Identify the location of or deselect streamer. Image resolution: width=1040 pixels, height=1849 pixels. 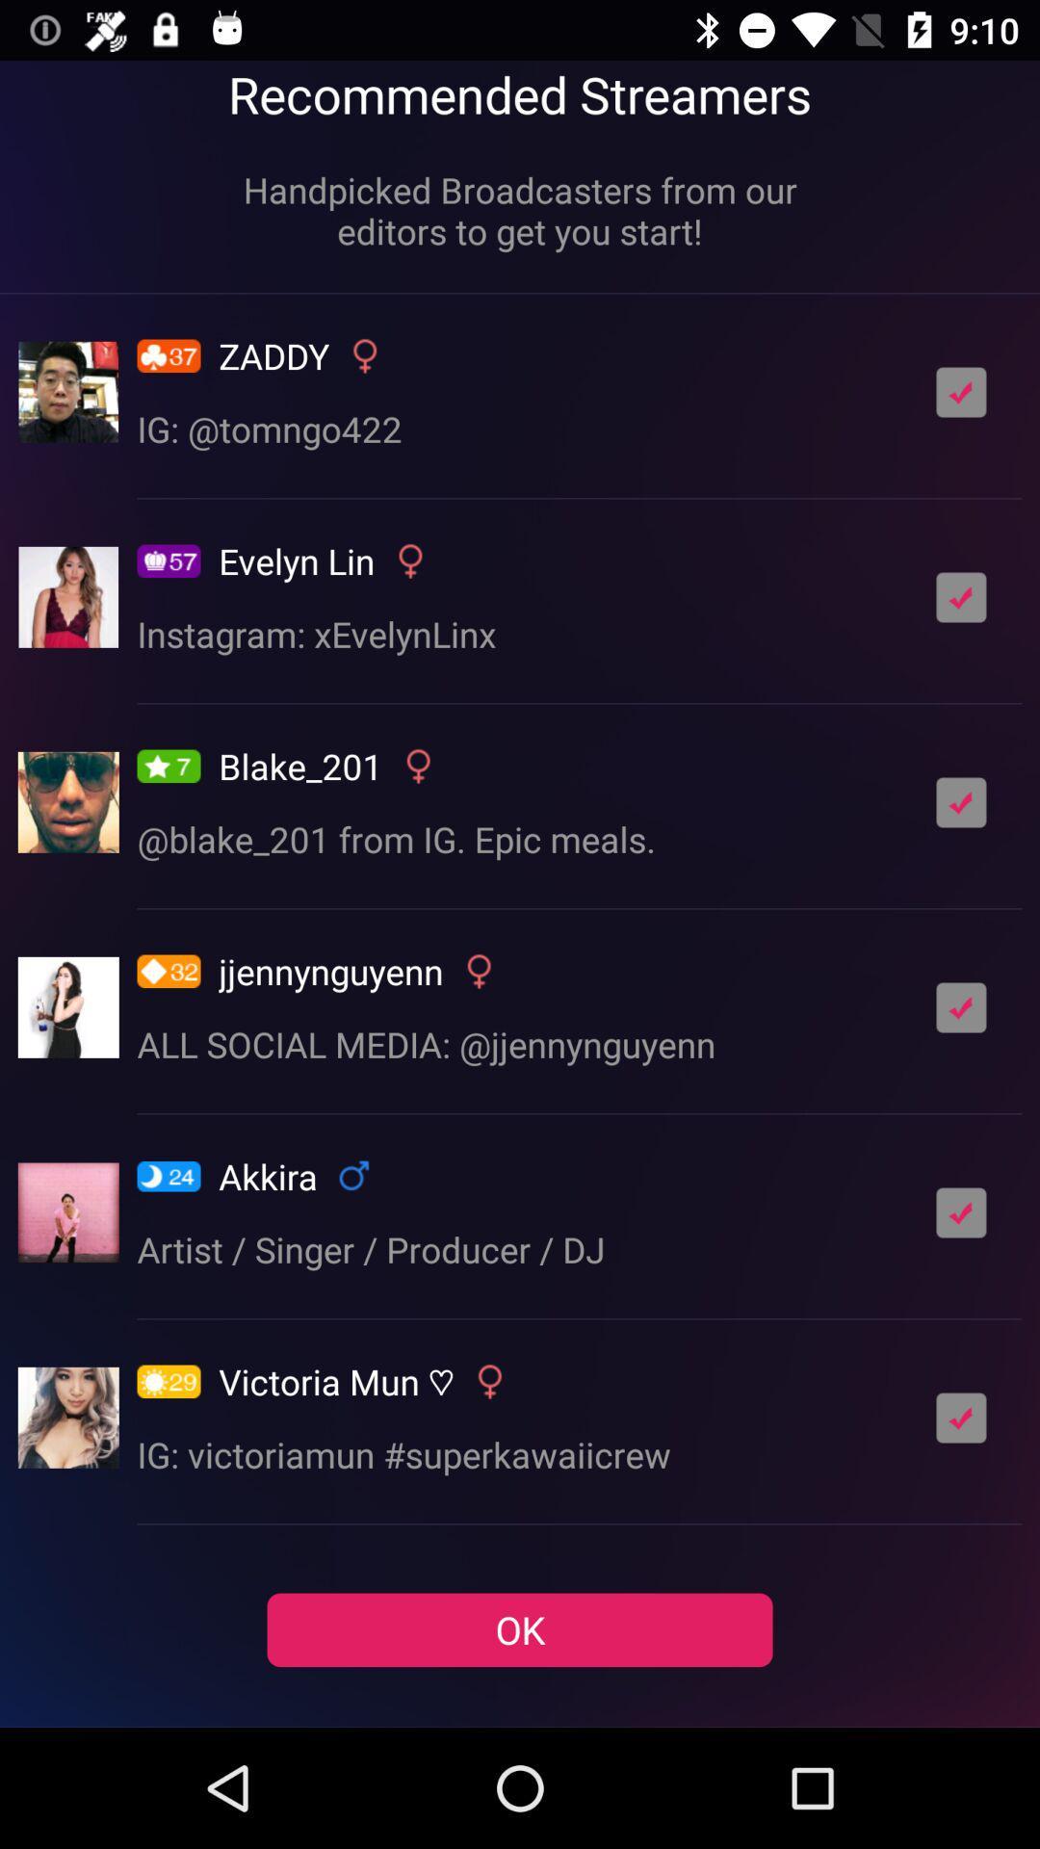
(961, 596).